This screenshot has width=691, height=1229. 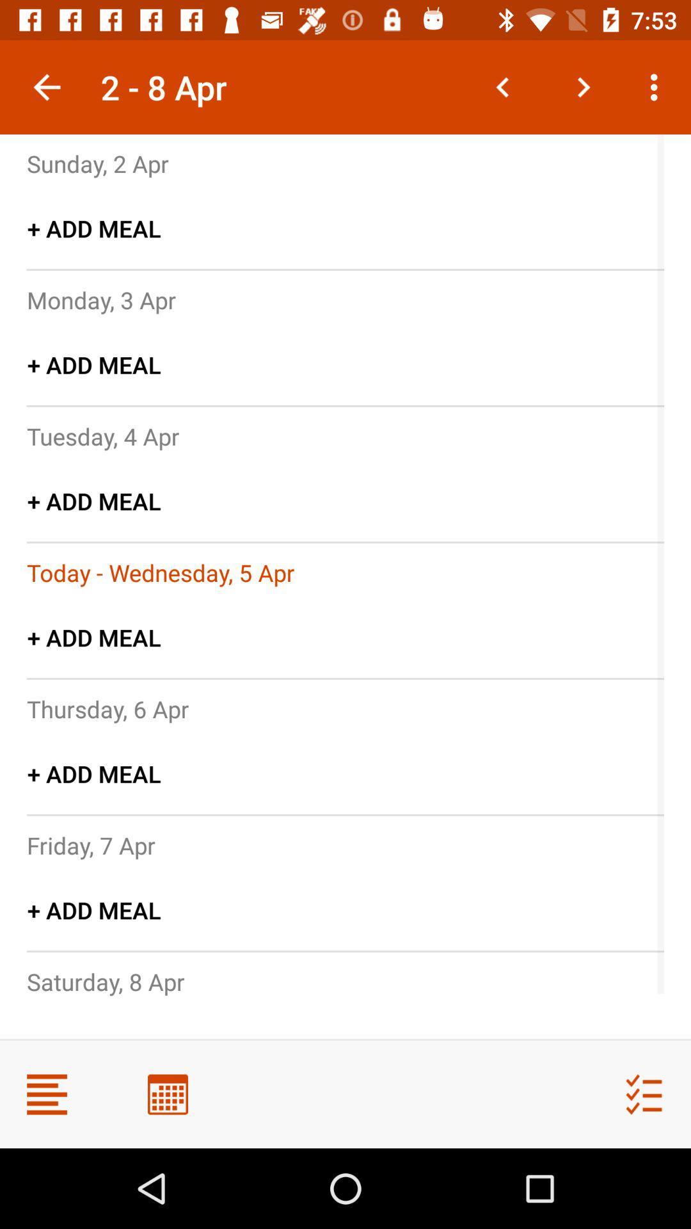 What do you see at coordinates (102, 436) in the screenshot?
I see `tuesday, 4 apr icon` at bounding box center [102, 436].